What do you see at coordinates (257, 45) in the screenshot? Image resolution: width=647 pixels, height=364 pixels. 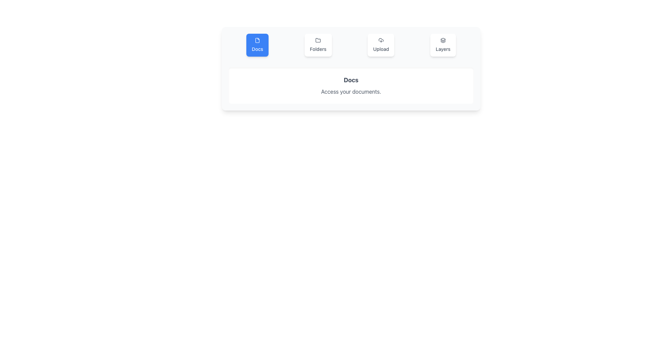 I see `the 'Docs' button, which is a rectangular button with a blue background and a white document icon, using assistive technologies` at bounding box center [257, 45].